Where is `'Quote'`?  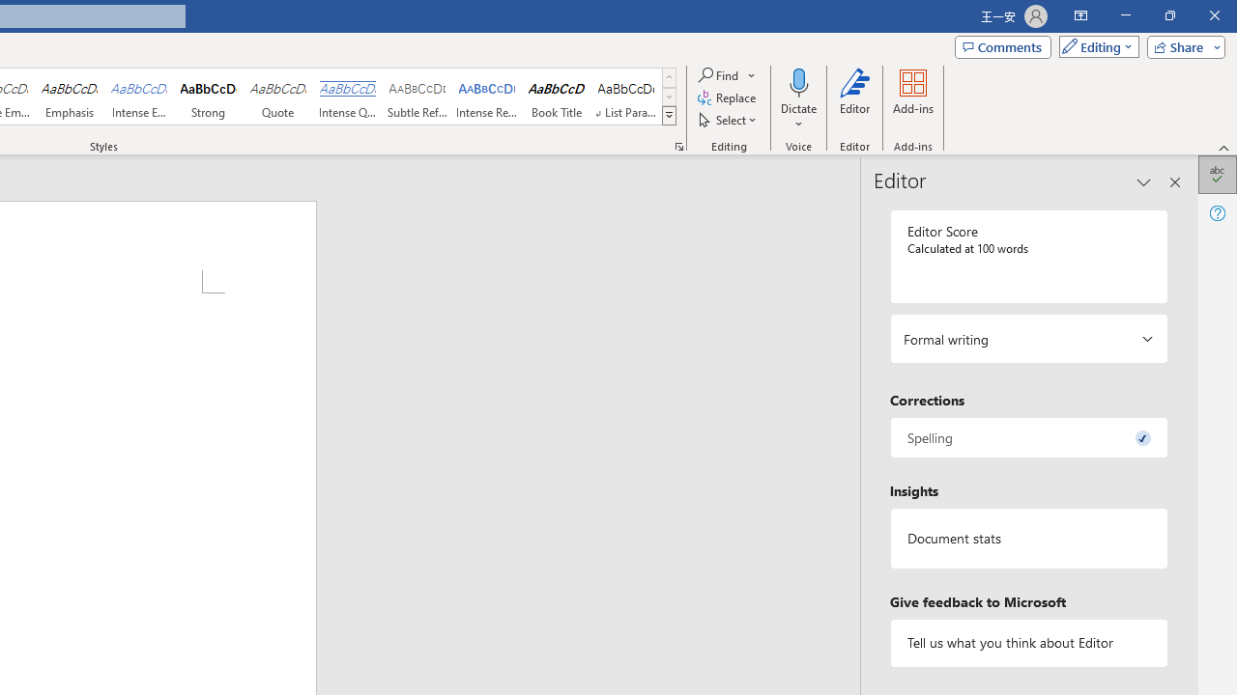 'Quote' is located at coordinates (277, 97).